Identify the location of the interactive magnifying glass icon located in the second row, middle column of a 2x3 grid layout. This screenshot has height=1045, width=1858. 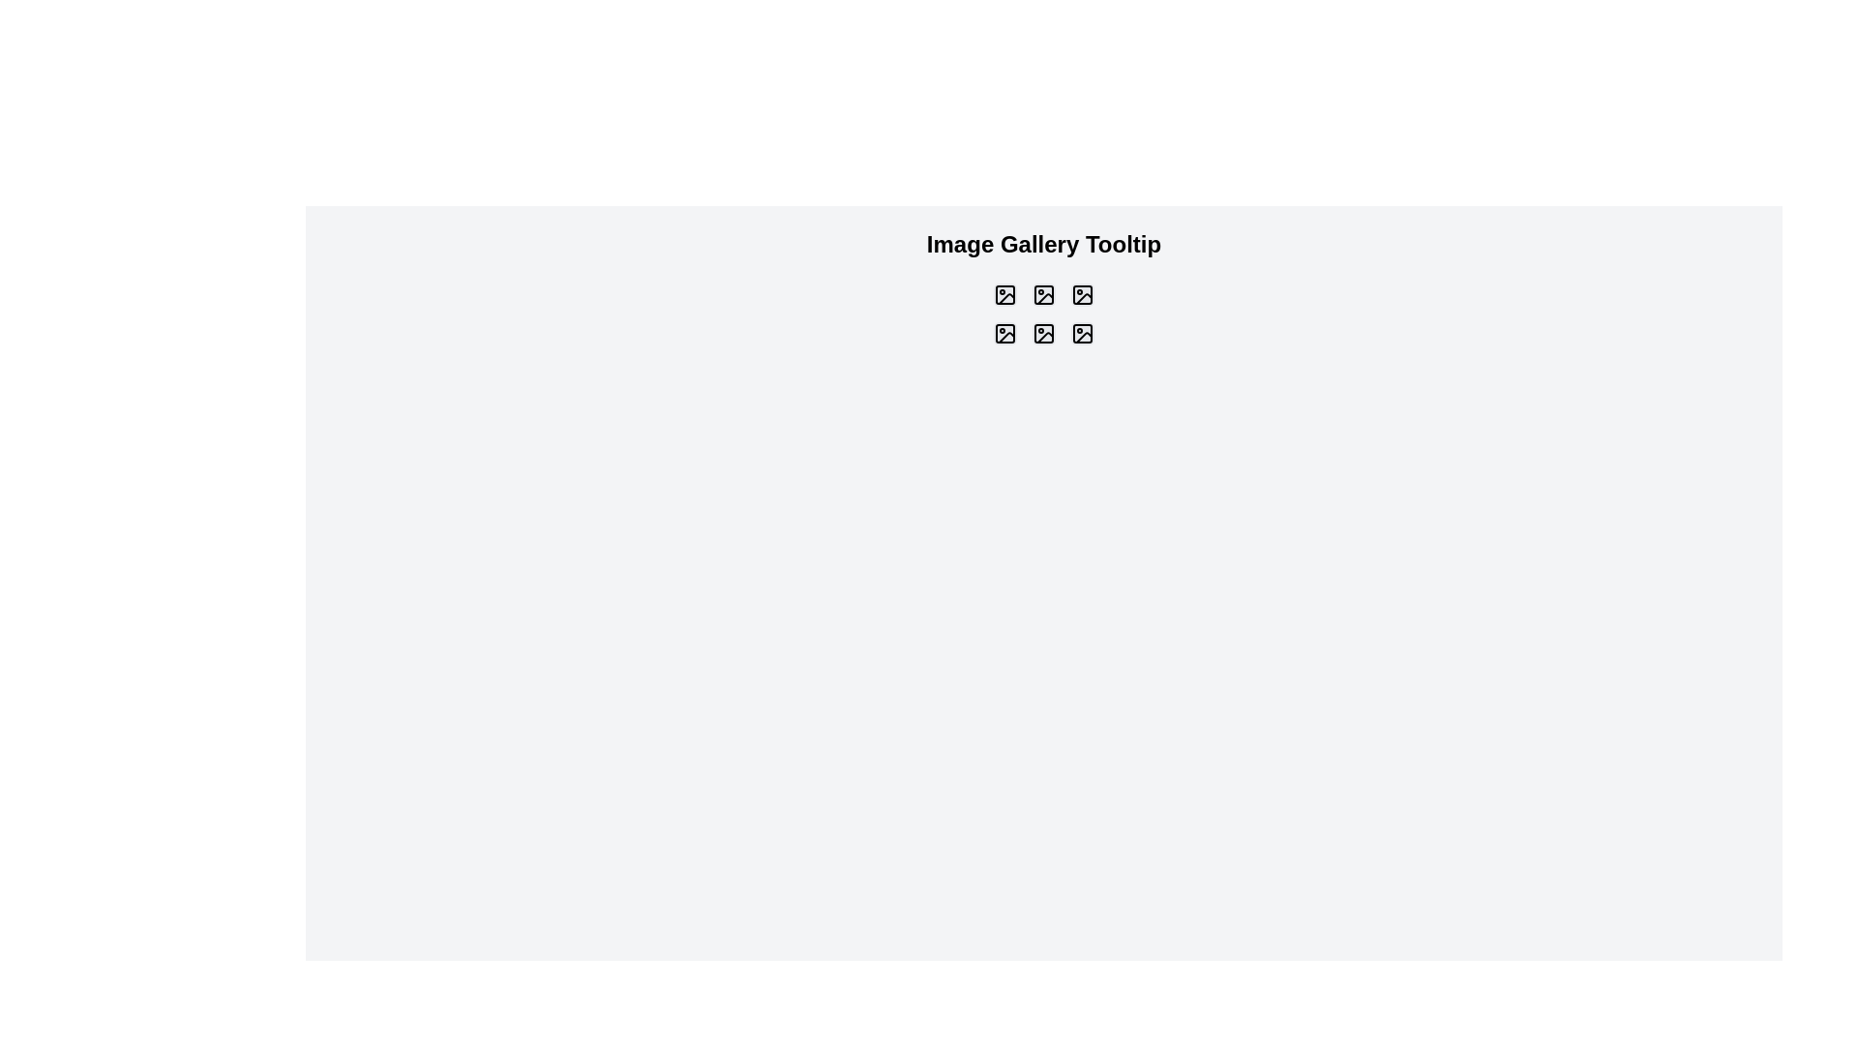
(1043, 332).